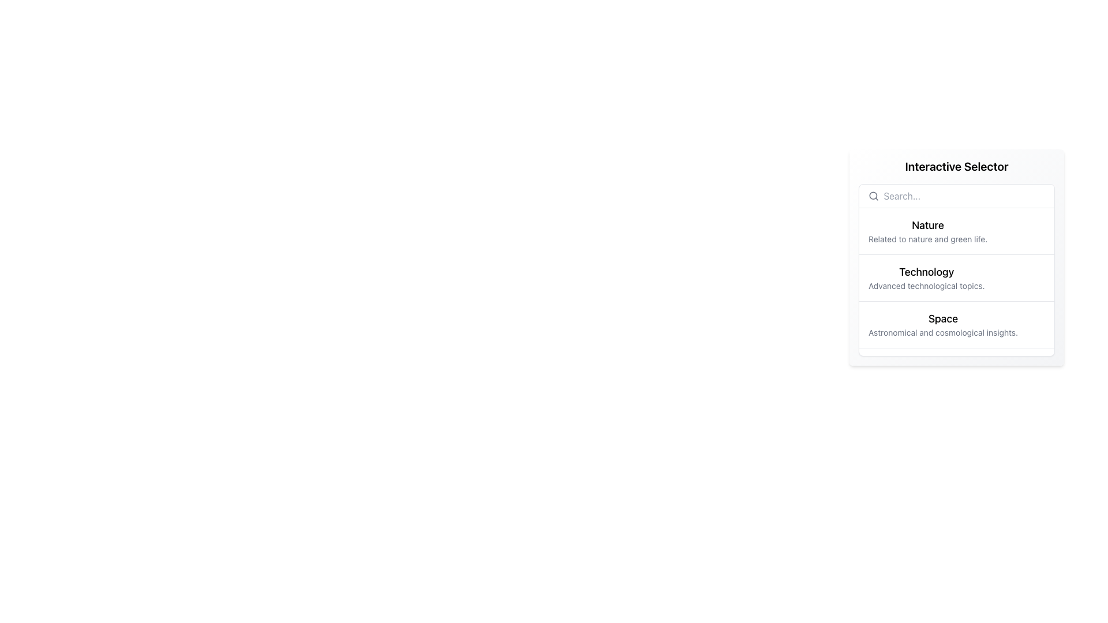 The width and height of the screenshot is (1108, 623). I want to click on the third item in the 'Interactive Selector' list, which is located between 'Technology' and 'Reading', so click(956, 325).